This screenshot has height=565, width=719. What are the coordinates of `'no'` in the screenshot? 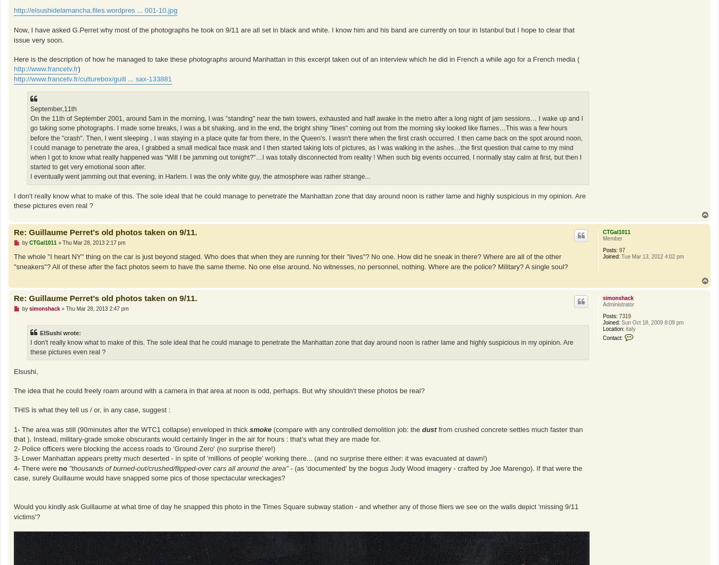 It's located at (58, 467).